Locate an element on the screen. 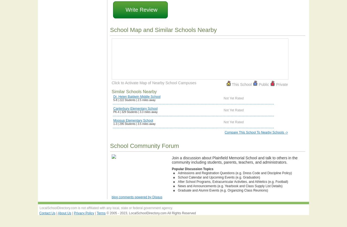 The width and height of the screenshot is (347, 227). 'Write Review' is located at coordinates (141, 10).